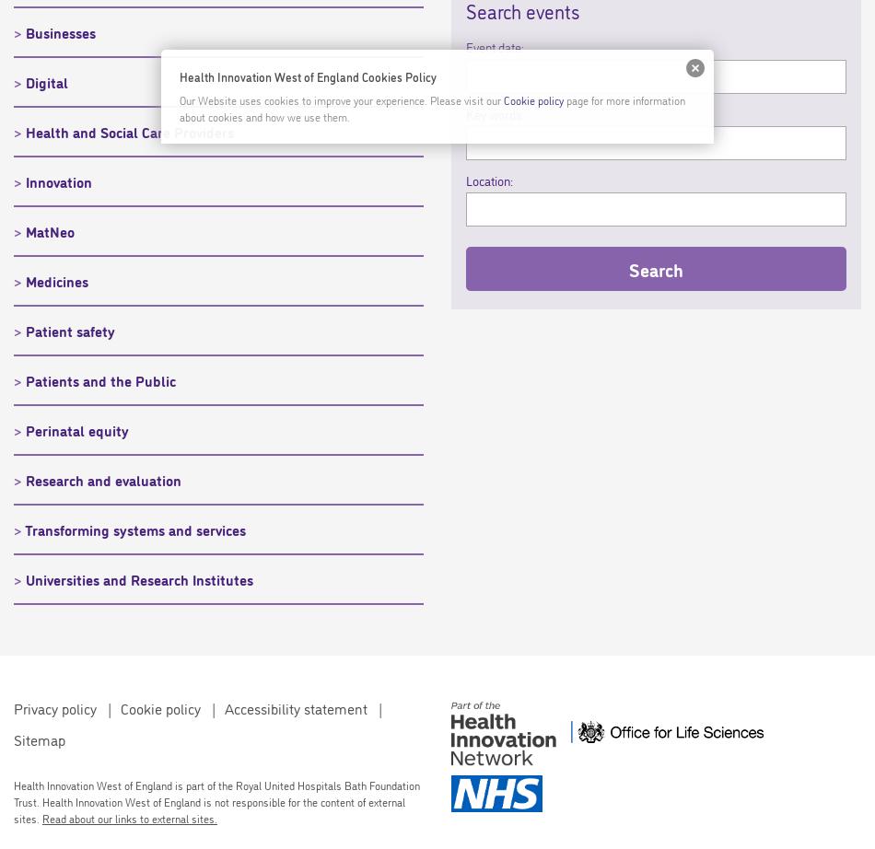 This screenshot has height=849, width=875. Describe the element at coordinates (103, 480) in the screenshot. I see `'Research and evaluation'` at that location.